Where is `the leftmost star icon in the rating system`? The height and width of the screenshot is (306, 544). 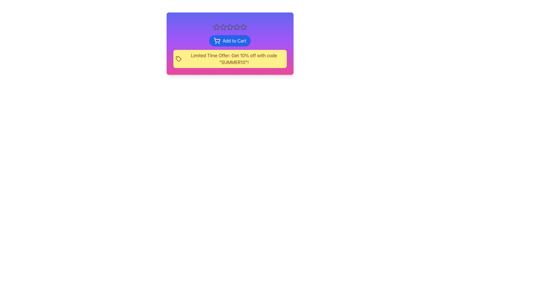 the leftmost star icon in the rating system is located at coordinates (216, 27).